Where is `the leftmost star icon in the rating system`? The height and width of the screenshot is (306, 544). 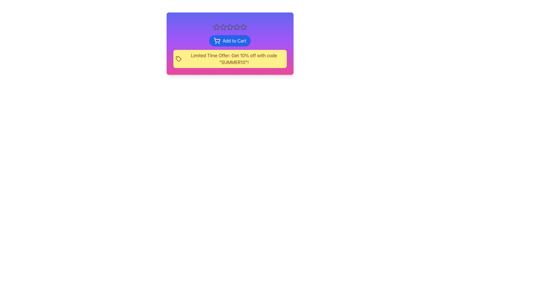 the leftmost star icon in the rating system is located at coordinates (216, 27).